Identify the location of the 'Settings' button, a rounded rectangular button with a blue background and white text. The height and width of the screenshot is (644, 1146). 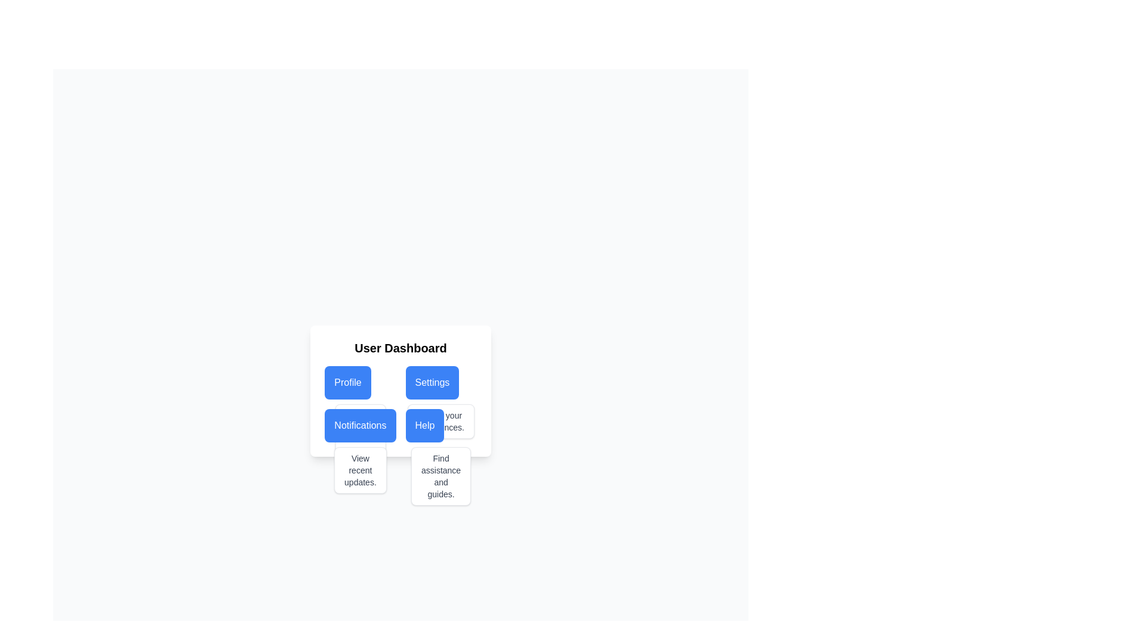
(440, 382).